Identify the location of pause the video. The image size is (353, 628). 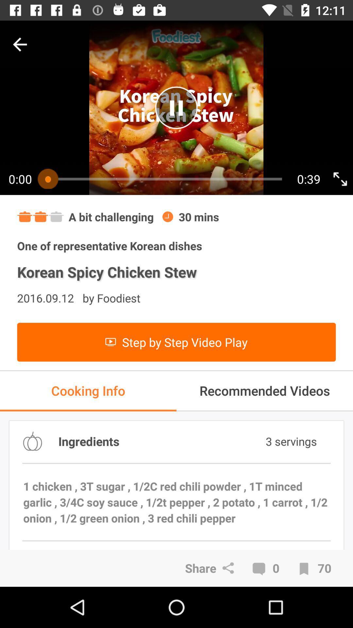
(176, 108).